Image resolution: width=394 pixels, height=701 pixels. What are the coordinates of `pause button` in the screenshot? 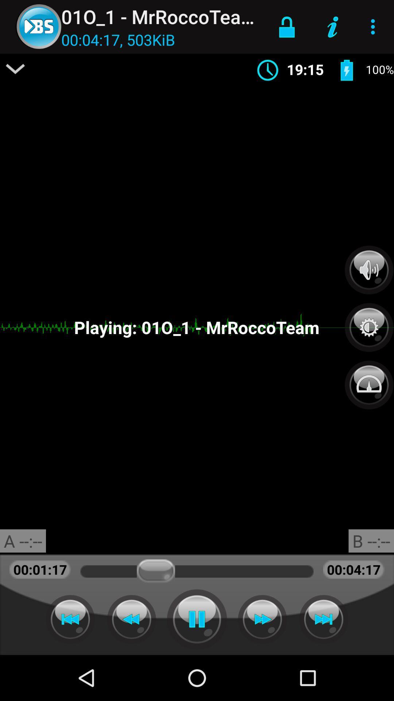 It's located at (197, 619).